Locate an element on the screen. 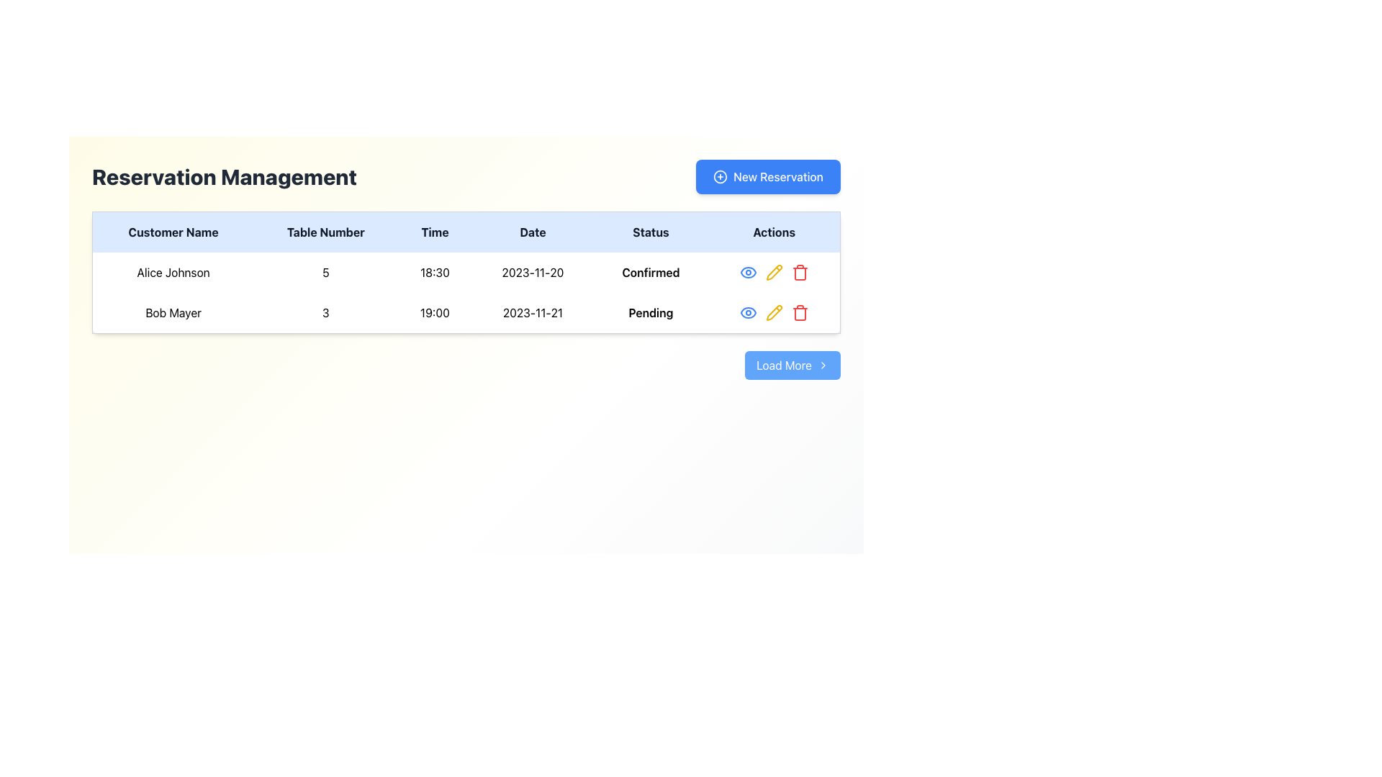 The image size is (1382, 777). the first row in the reservation table displaying details for Alice Johnson, which includes the customer's name, table number, time, date, and status is located at coordinates (466, 272).